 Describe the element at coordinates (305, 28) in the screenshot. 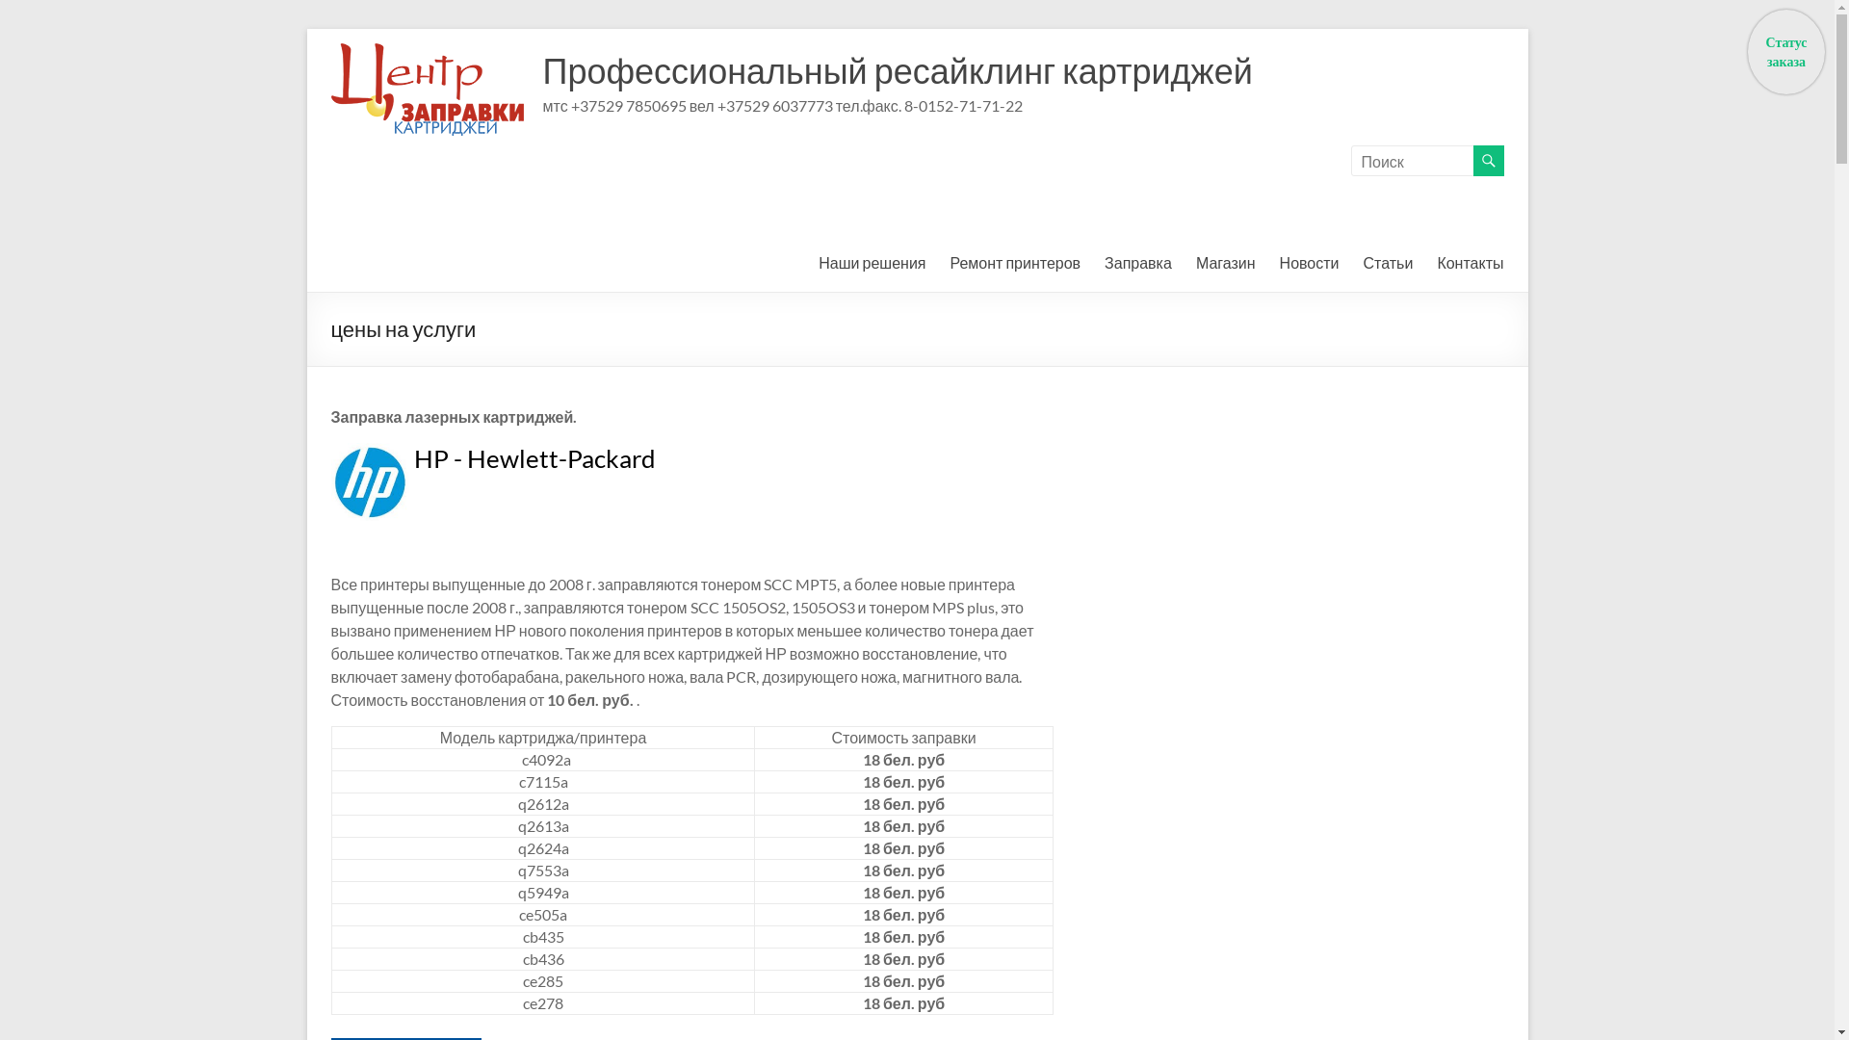

I see `'Skip to content'` at that location.